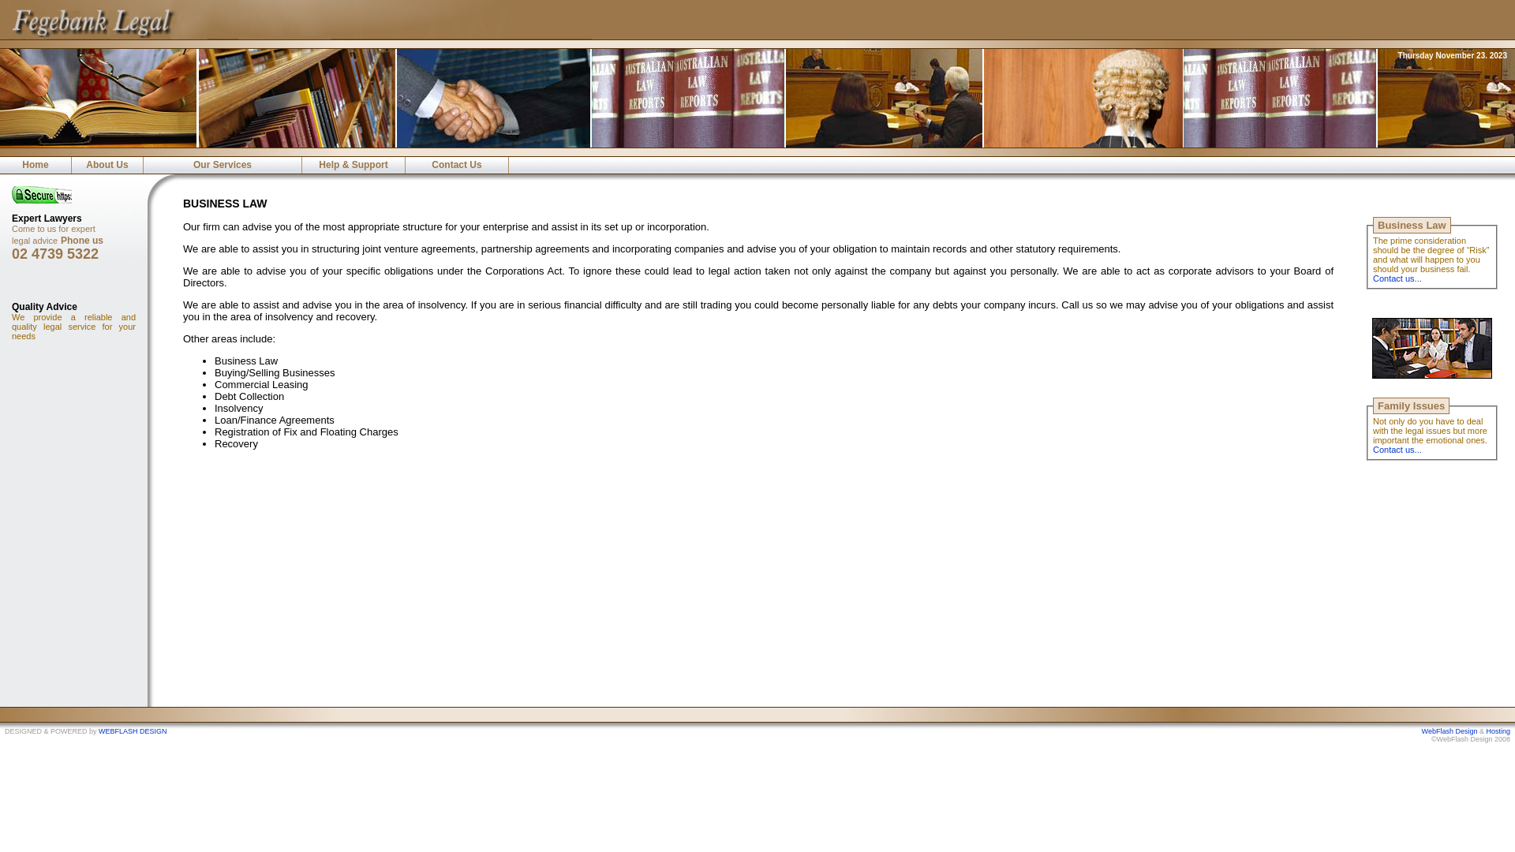 This screenshot has width=1515, height=852. Describe the element at coordinates (352, 165) in the screenshot. I see `'Help & Support'` at that location.